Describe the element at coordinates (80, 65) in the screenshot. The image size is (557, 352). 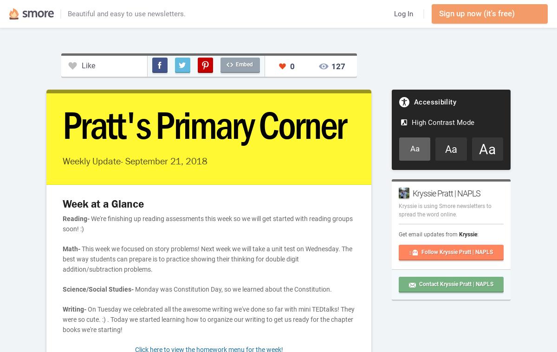
I see `'Like'` at that location.